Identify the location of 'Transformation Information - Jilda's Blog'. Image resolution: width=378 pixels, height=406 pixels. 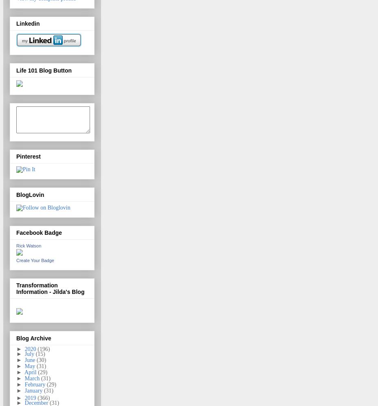
(50, 288).